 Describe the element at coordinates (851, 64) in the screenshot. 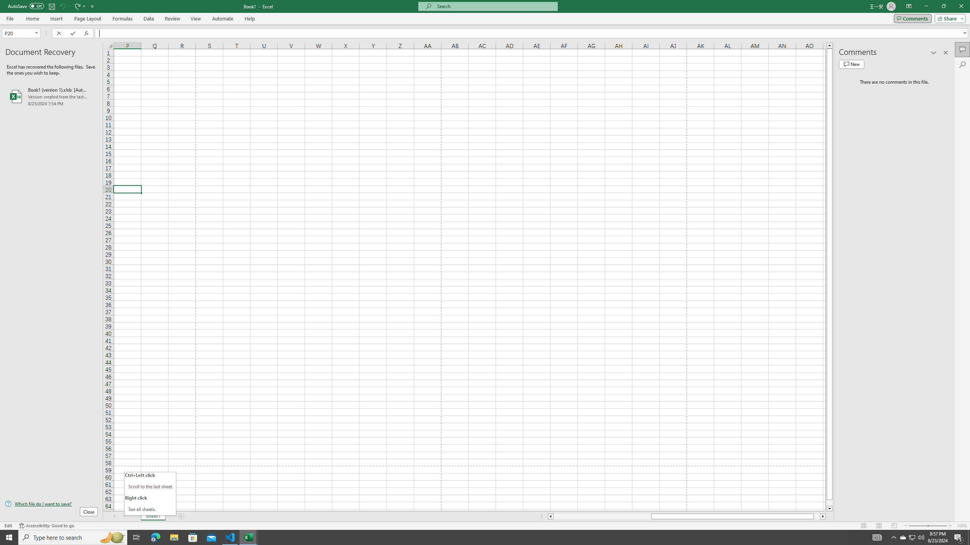

I see `'New comment'` at that location.